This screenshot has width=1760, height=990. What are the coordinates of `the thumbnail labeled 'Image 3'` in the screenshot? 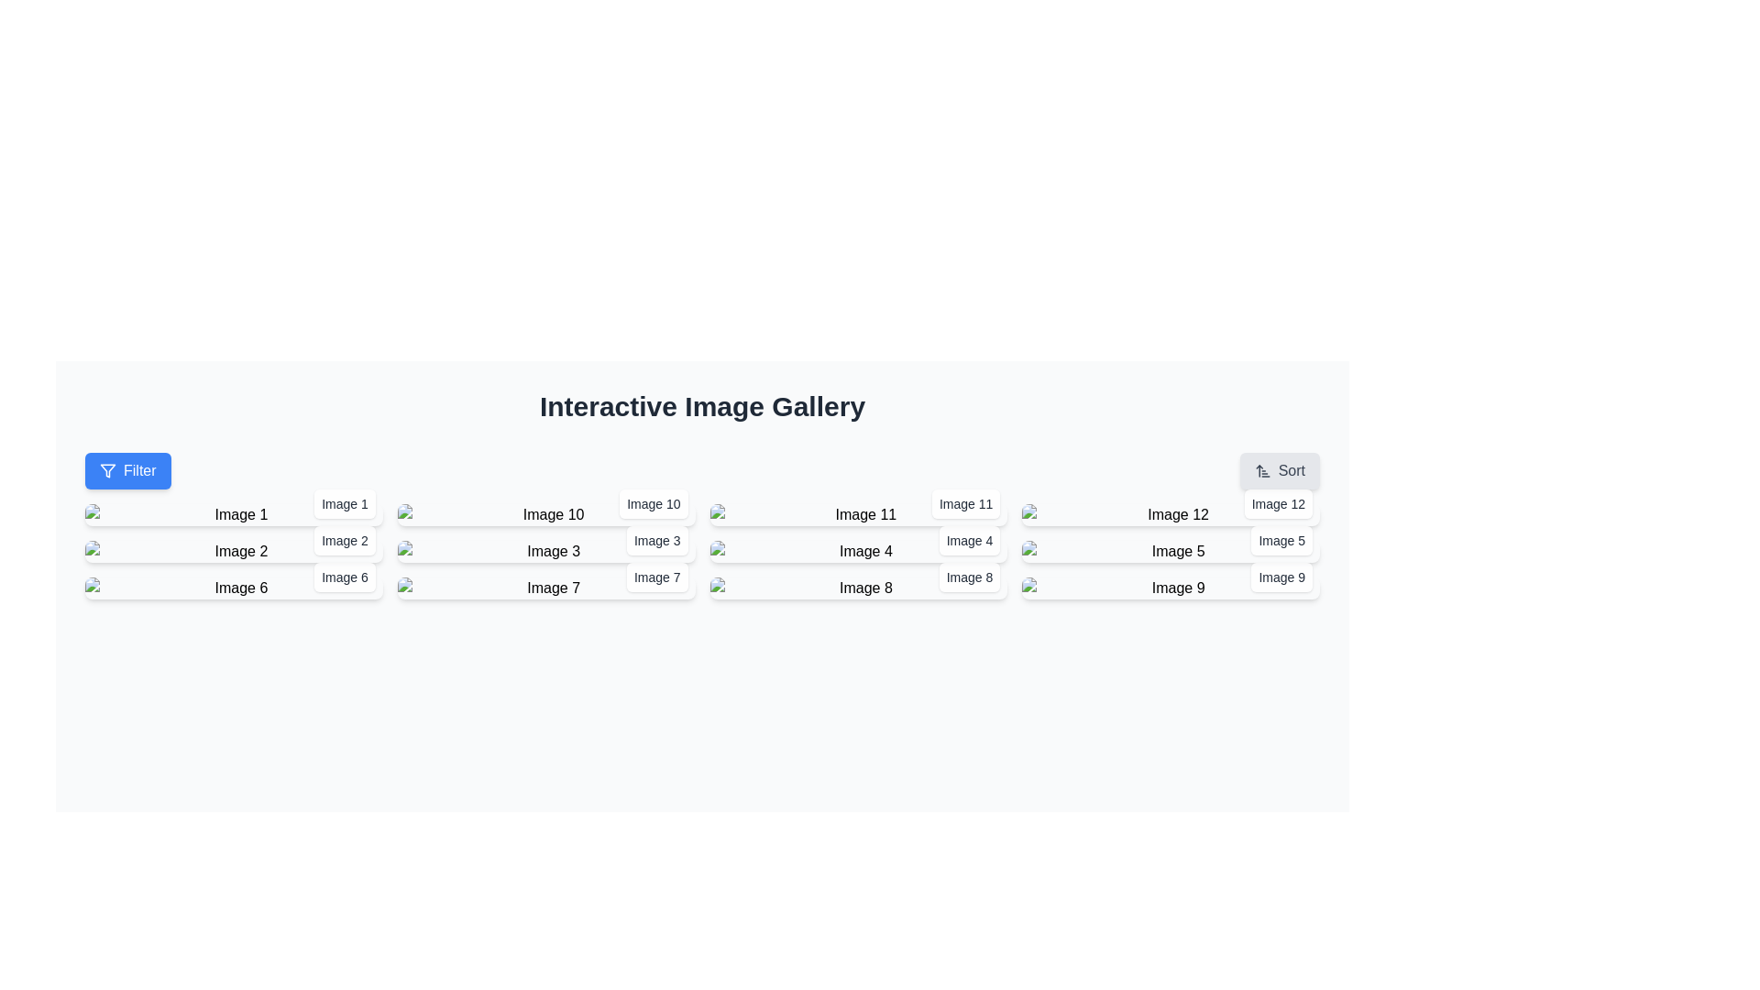 It's located at (545, 550).